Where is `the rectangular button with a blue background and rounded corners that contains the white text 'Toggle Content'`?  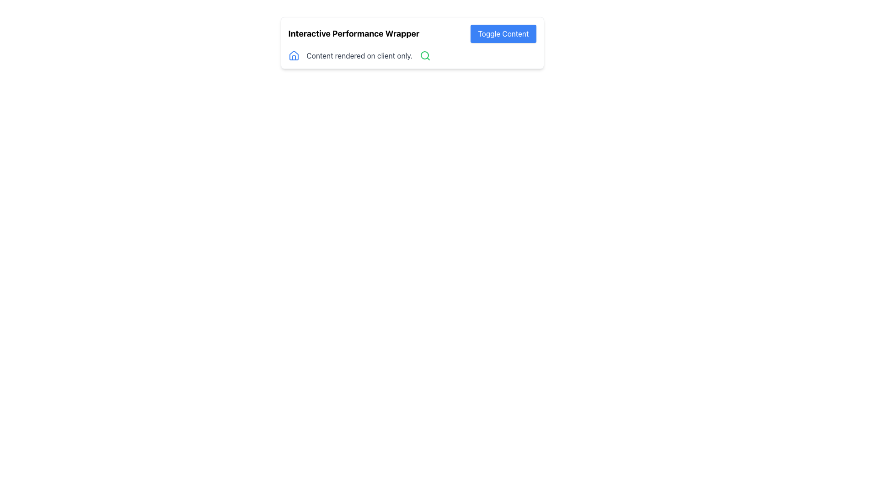 the rectangular button with a blue background and rounded corners that contains the white text 'Toggle Content' is located at coordinates (503, 33).